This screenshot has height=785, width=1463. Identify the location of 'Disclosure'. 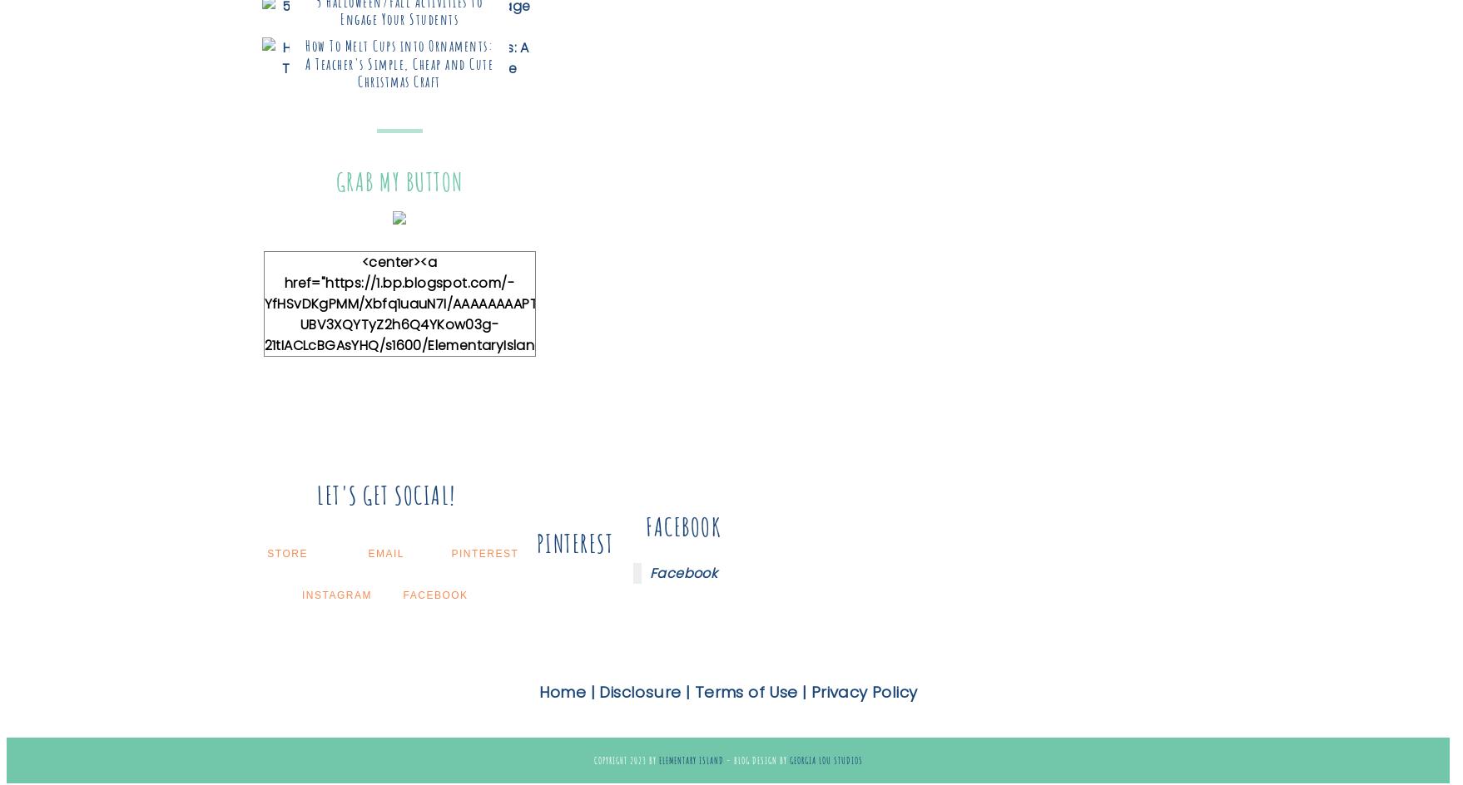
(638, 692).